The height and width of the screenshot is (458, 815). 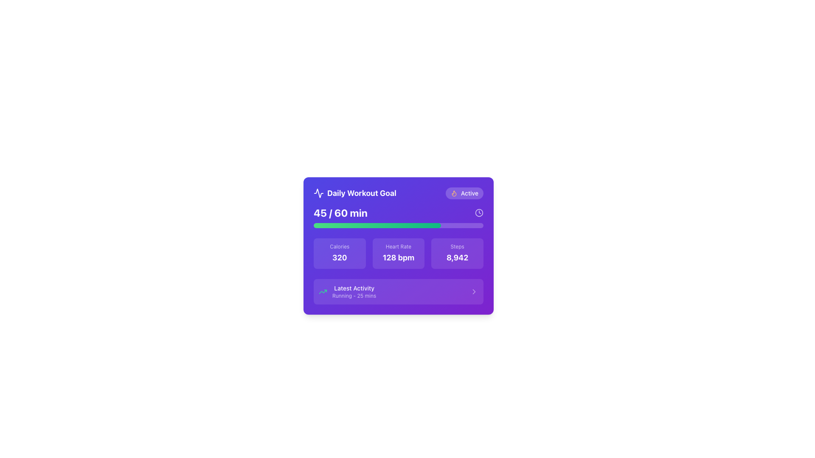 I want to click on the 'Latest Activity' text label, which is displayed in white font on a purple background, so click(x=354, y=288).